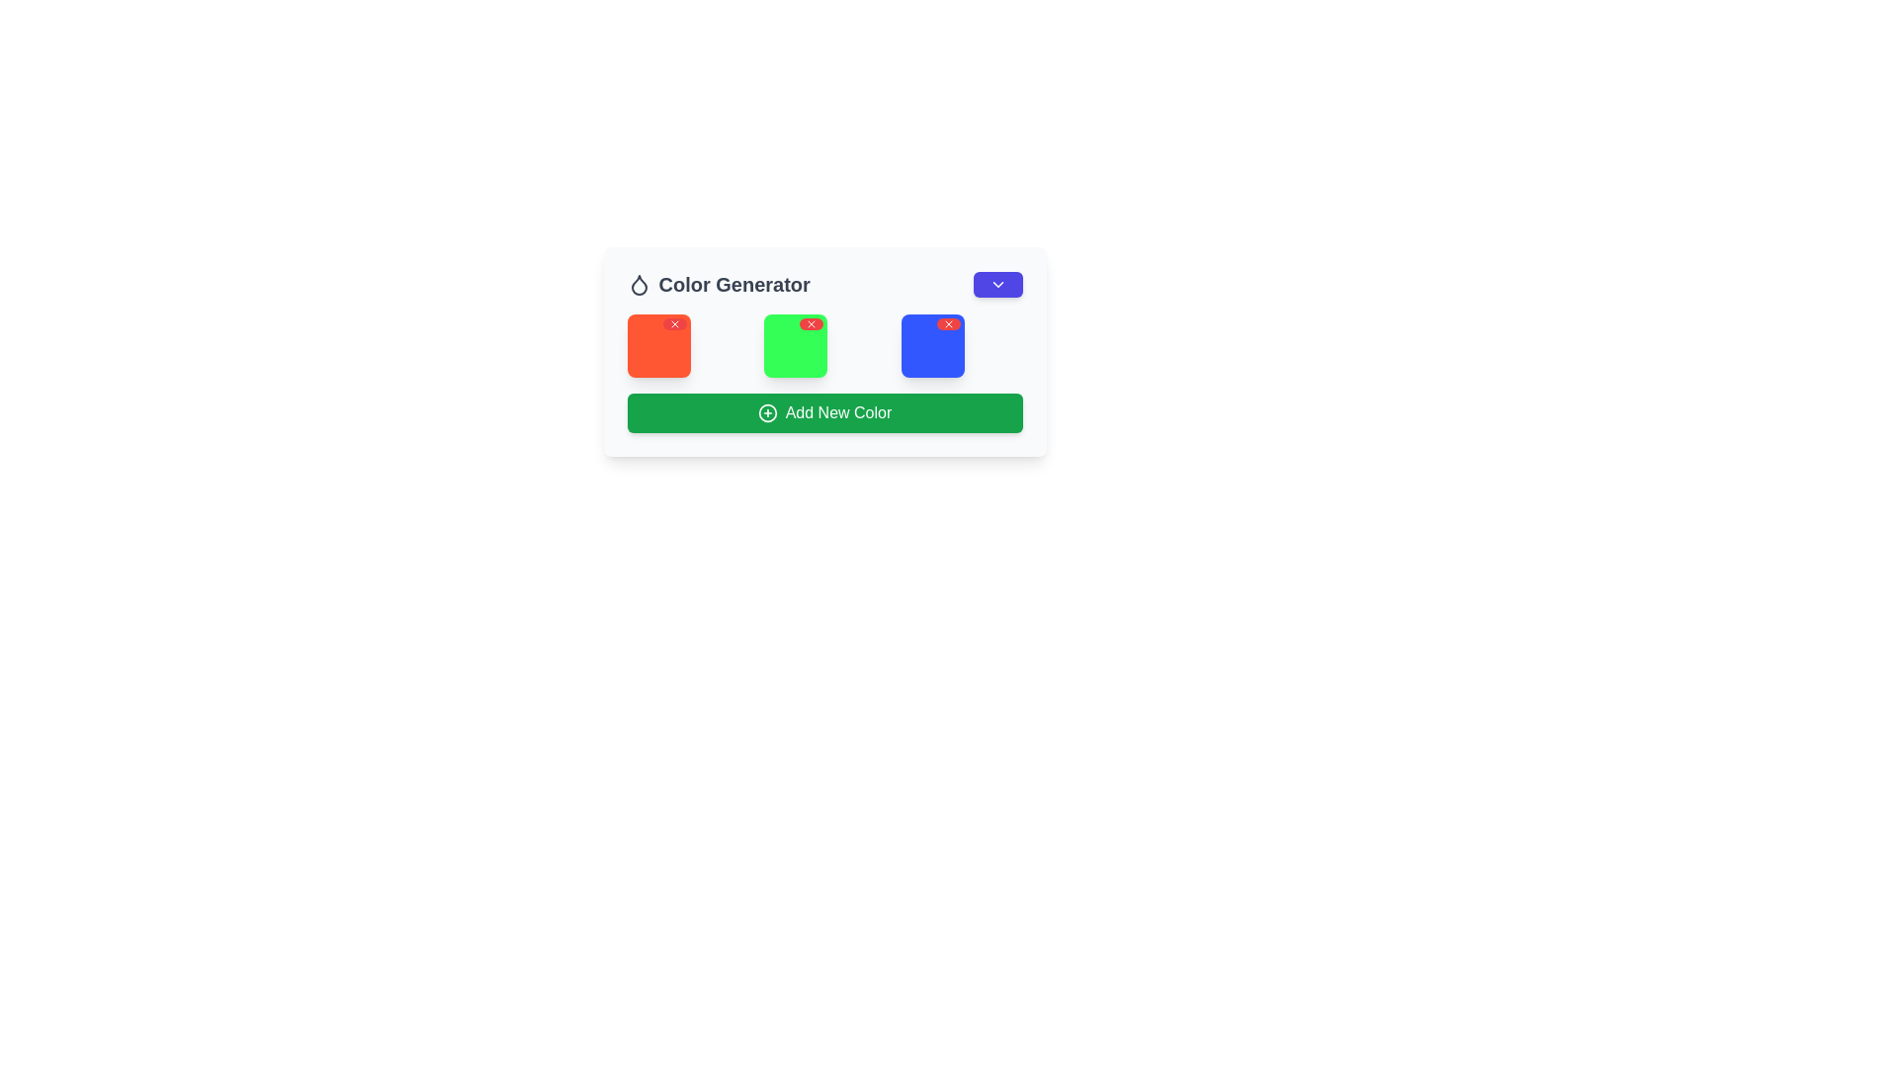 The height and width of the screenshot is (1068, 1898). I want to click on the chevron icon located at the top-right corner of the 'Color Generator' section, so click(997, 285).